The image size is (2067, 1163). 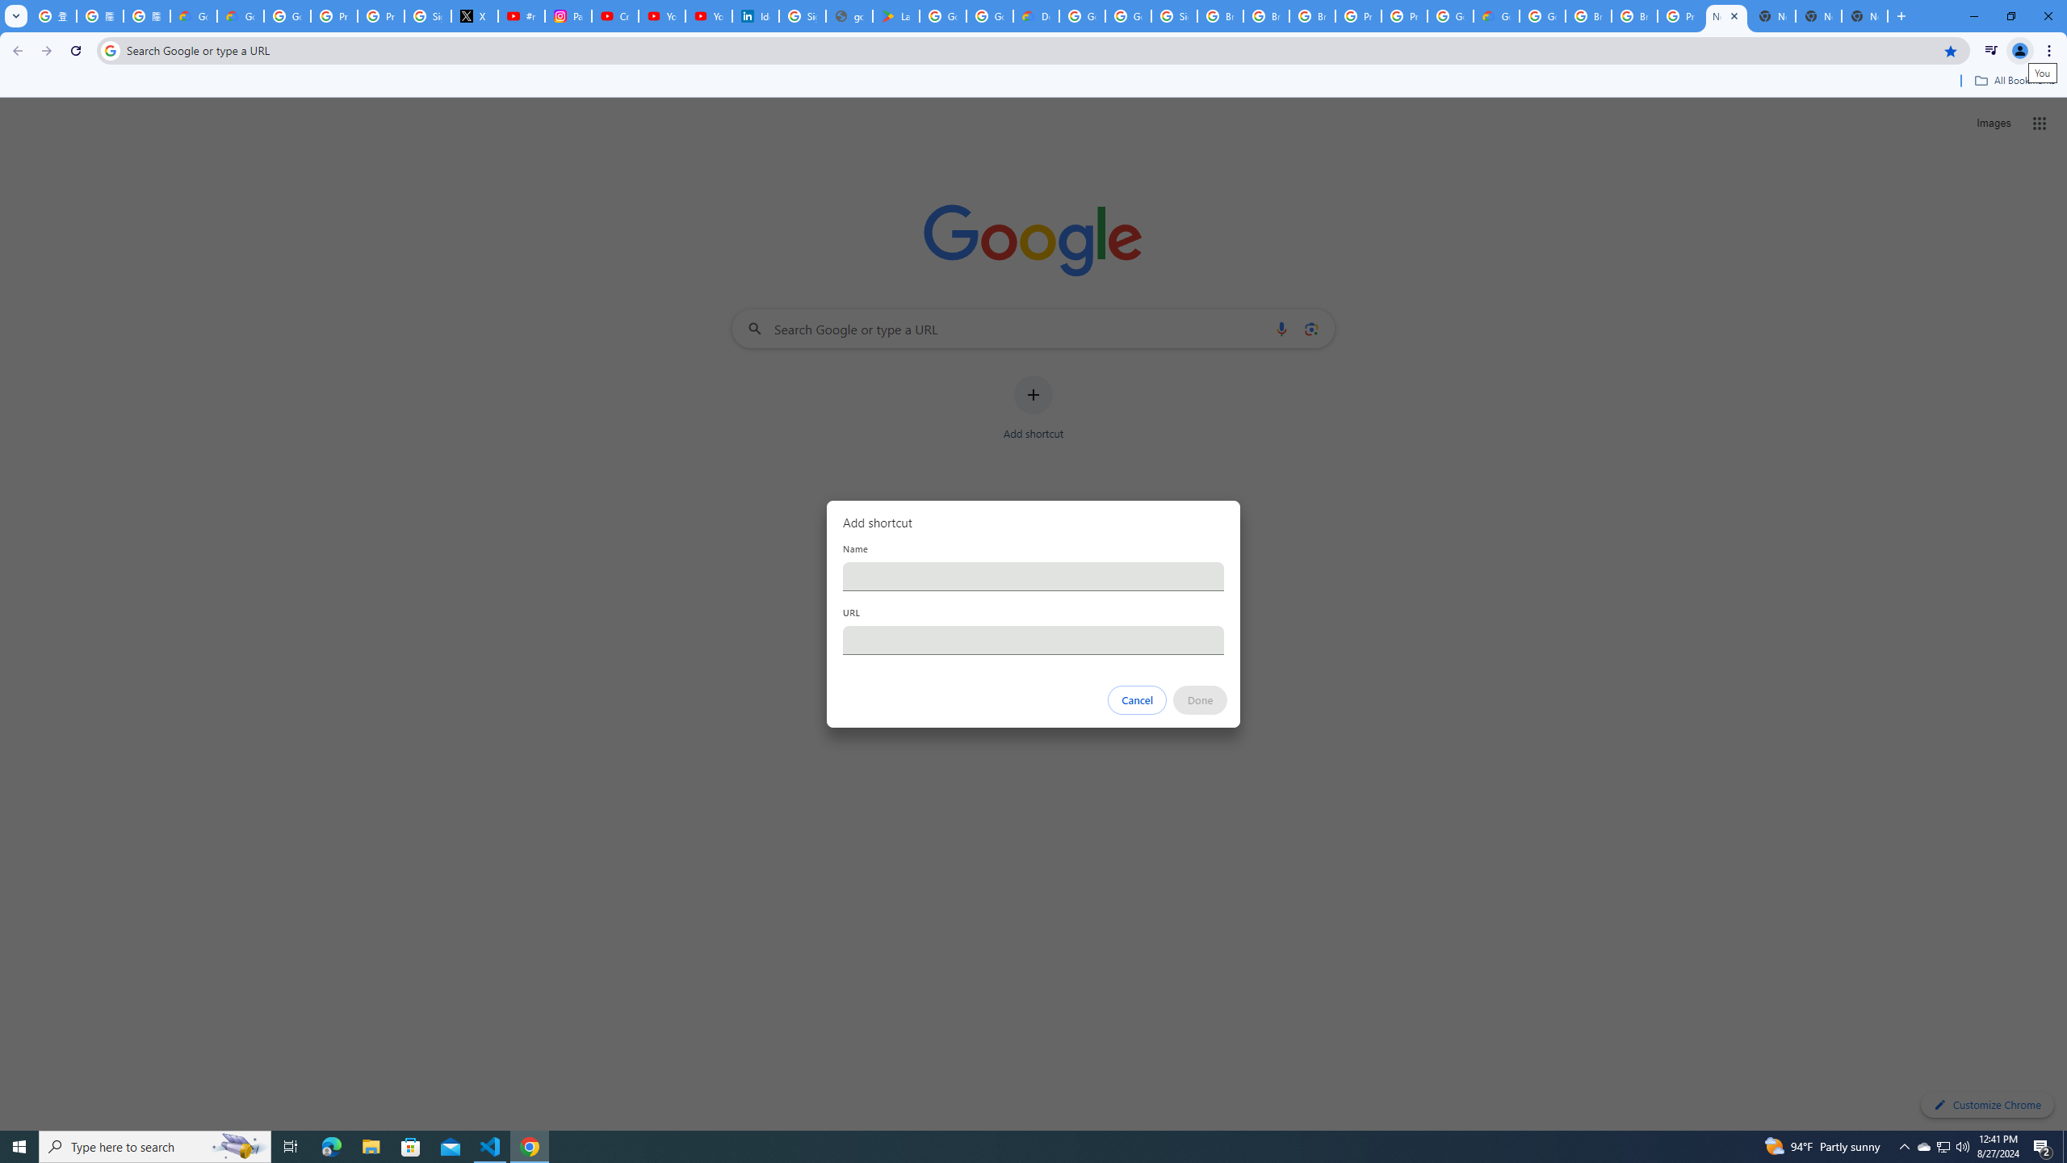 What do you see at coordinates (381, 15) in the screenshot?
I see `'Privacy Help Center - Policies Help'` at bounding box center [381, 15].